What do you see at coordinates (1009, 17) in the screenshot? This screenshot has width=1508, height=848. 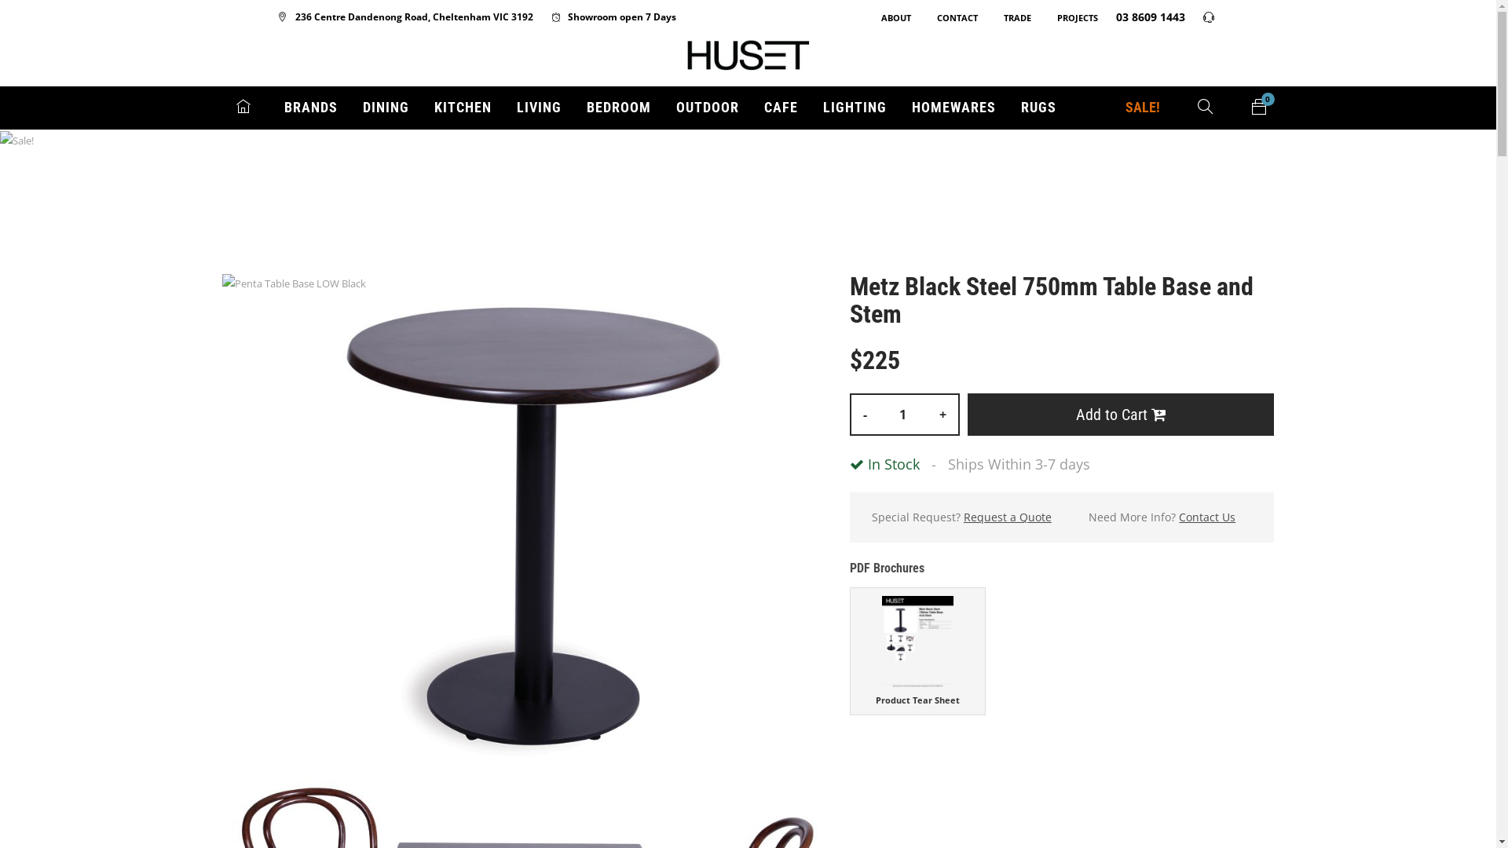 I see `'TRADE'` at bounding box center [1009, 17].